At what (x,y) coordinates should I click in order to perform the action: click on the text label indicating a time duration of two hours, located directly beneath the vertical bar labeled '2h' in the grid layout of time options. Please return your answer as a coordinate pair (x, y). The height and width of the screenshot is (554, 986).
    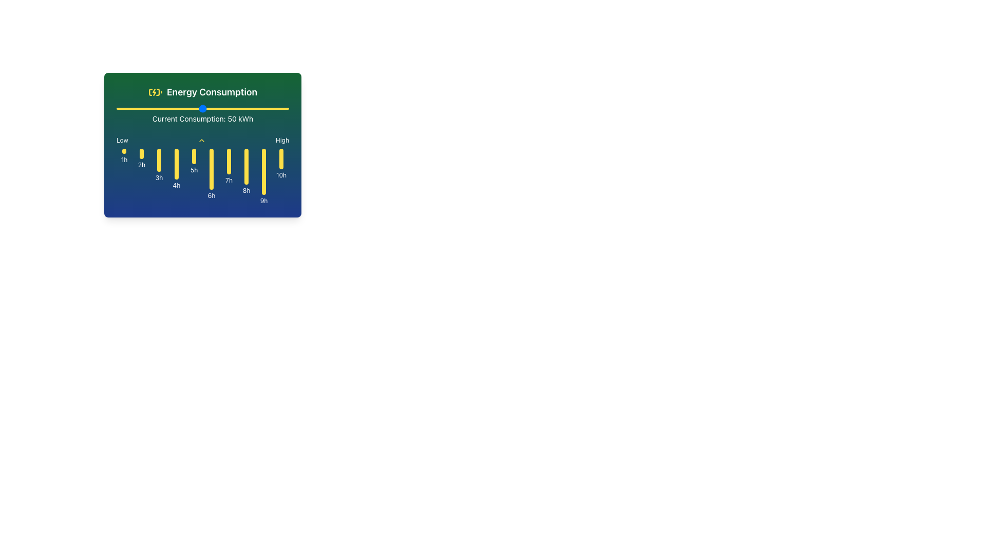
    Looking at the image, I should click on (141, 164).